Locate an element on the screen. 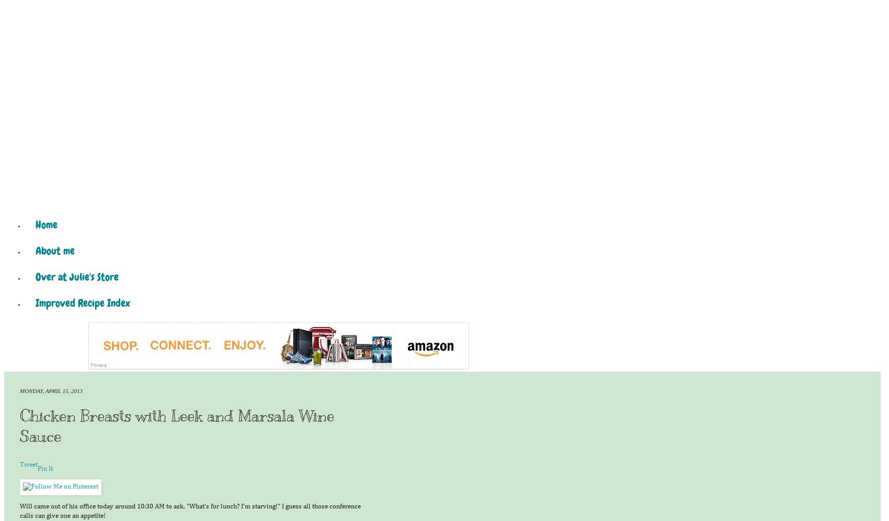 The width and height of the screenshot is (889, 521). 'Home' is located at coordinates (47, 224).